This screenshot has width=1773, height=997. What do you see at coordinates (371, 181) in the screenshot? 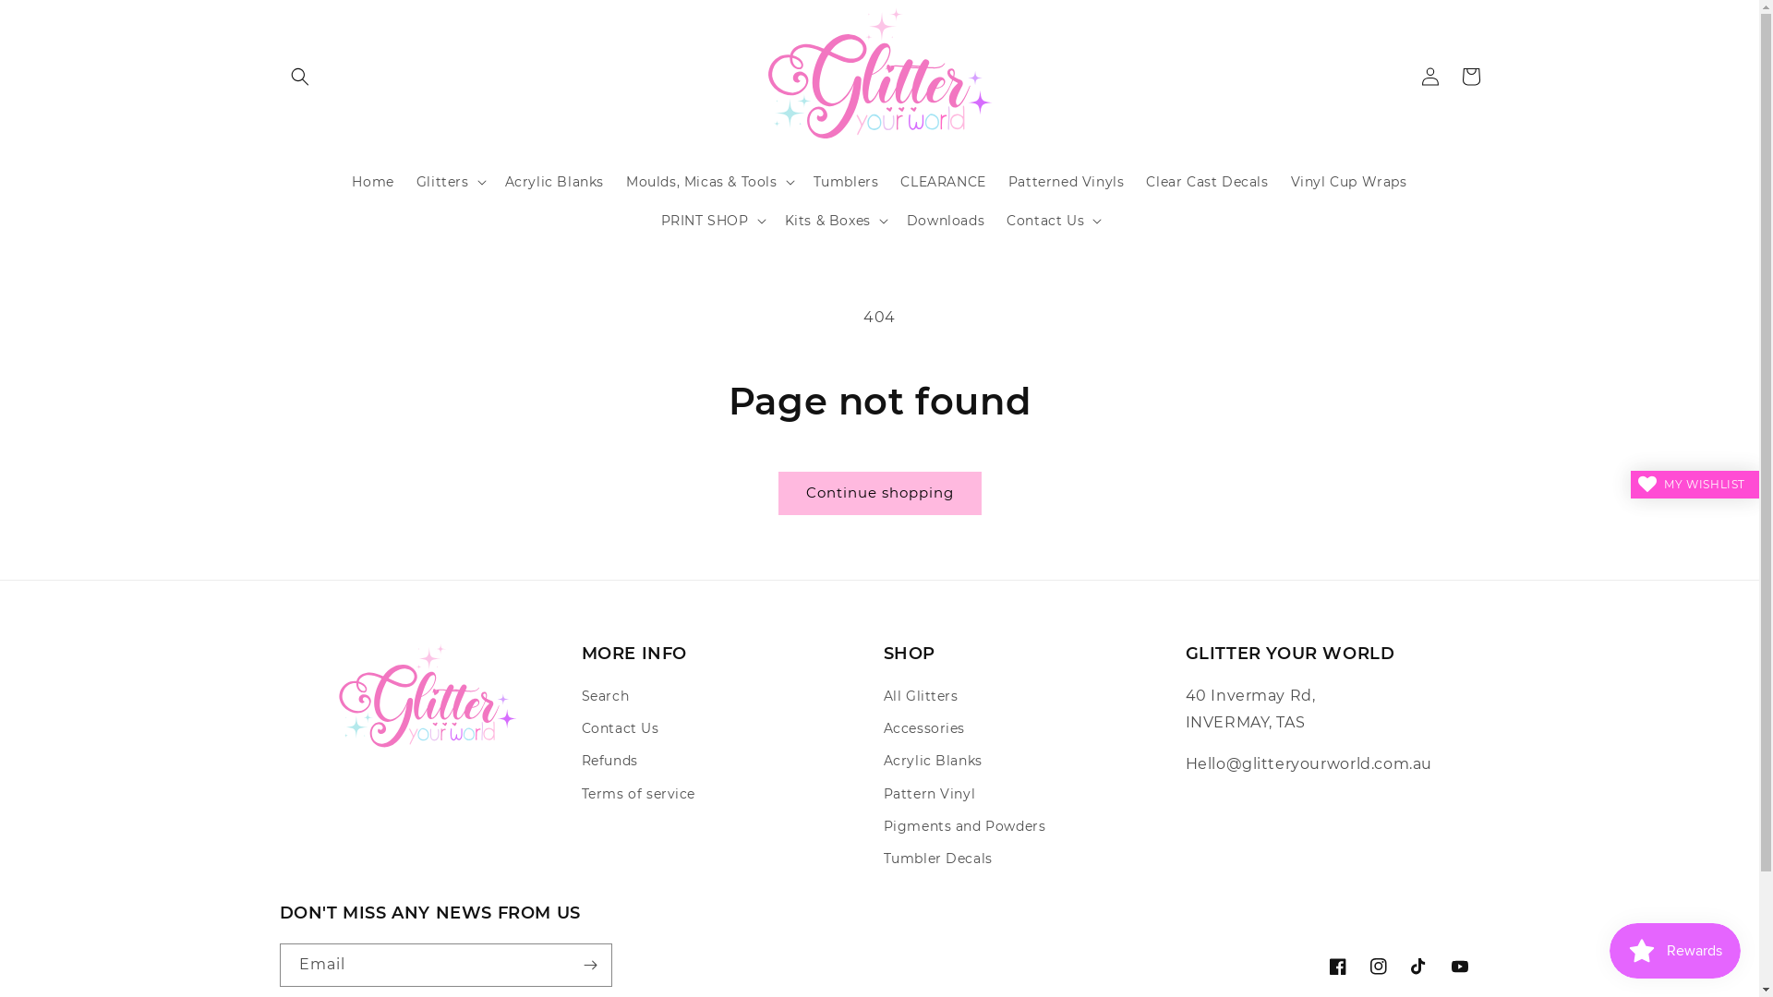
I see `'Home'` at bounding box center [371, 181].